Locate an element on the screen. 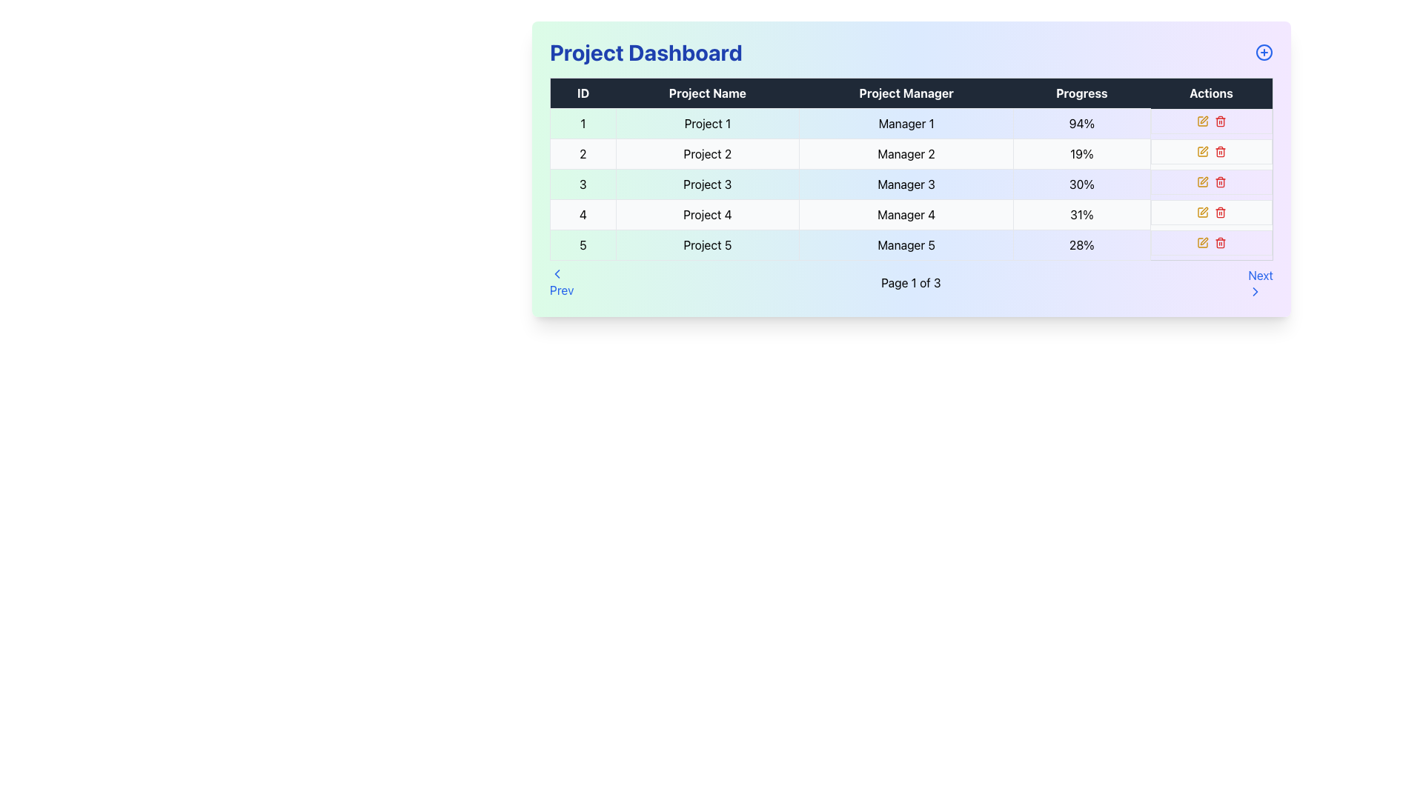  the Text Display element that shows the project name in the third row of the table, located in the 'Project Name' column is located at coordinates (706, 184).